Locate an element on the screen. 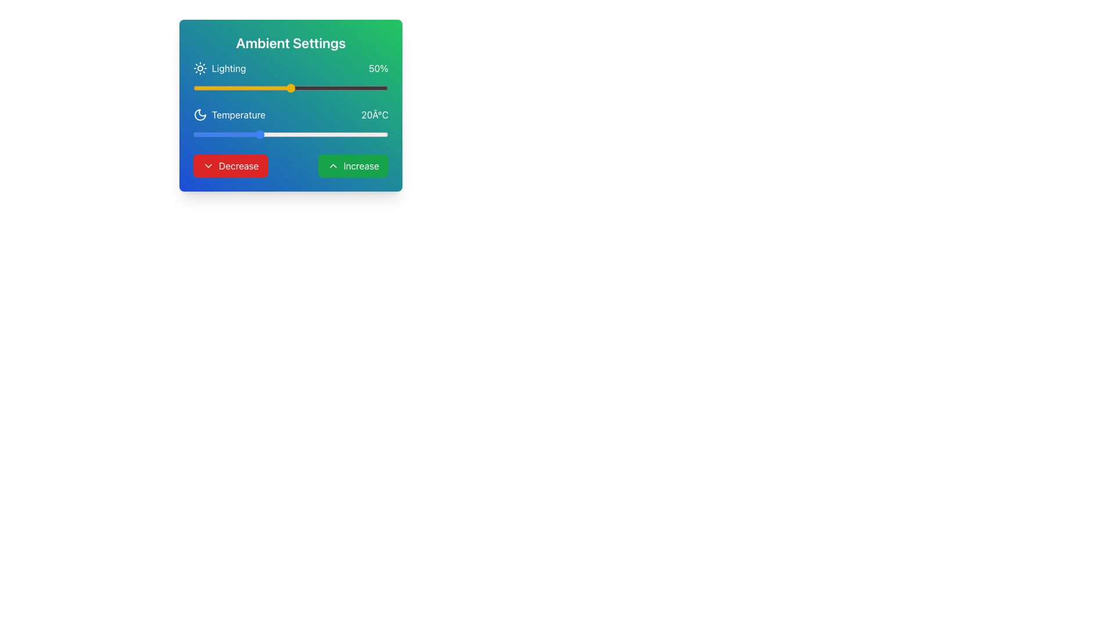 The width and height of the screenshot is (1115, 627). the 'Increase' button, which is a rectangular button with rounded corners, filled with a green background and displays the text 'Increase' in white, accompanied by an upward chevron icon is located at coordinates (353, 165).